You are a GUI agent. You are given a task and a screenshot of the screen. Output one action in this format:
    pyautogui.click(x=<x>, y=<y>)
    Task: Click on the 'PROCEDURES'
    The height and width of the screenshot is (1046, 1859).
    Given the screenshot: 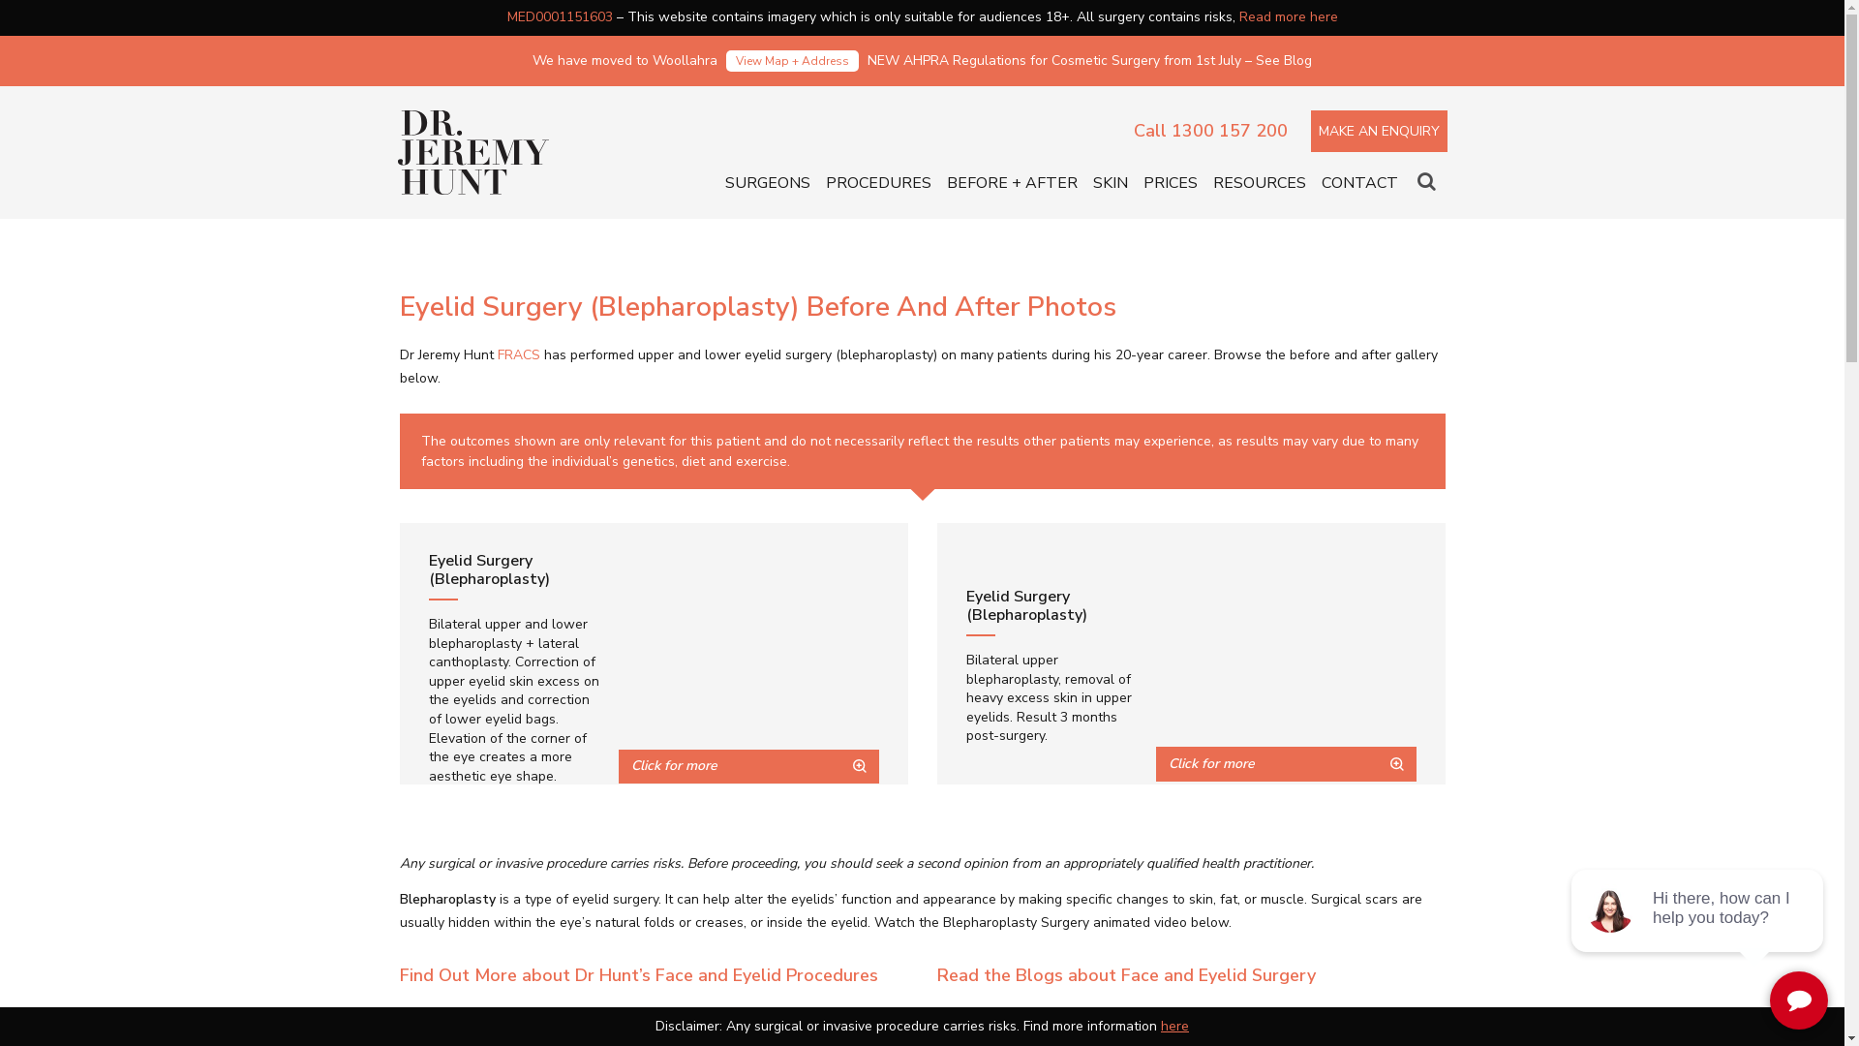 What is the action you would take?
    pyautogui.click(x=876, y=183)
    